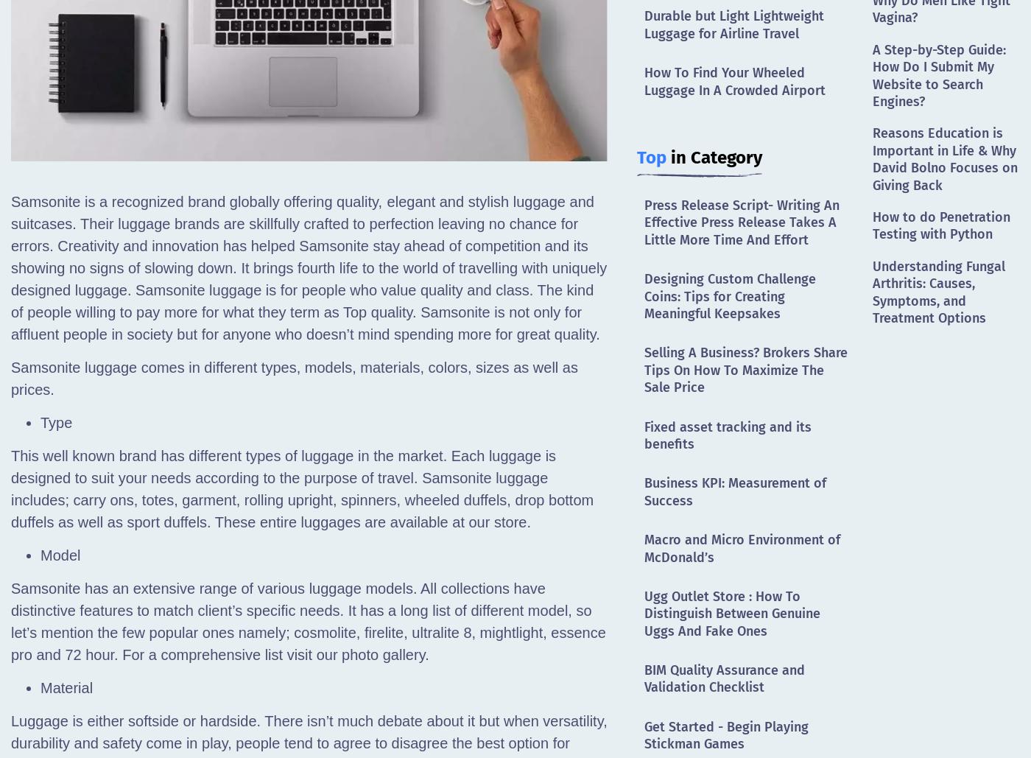 This screenshot has height=758, width=1031. What do you see at coordinates (308, 620) in the screenshot?
I see `'Samsonite has an extensive range of various luggage models. All collections have distinctive features to match client’s specific needs. It has a long list of different model, so let’s mention the few popular ones namely; cosmolite, firelite, ultralite 8, mightlight, essence pro and 72 hour. For a comprehensive list visit our photo gallery.'` at bounding box center [308, 620].